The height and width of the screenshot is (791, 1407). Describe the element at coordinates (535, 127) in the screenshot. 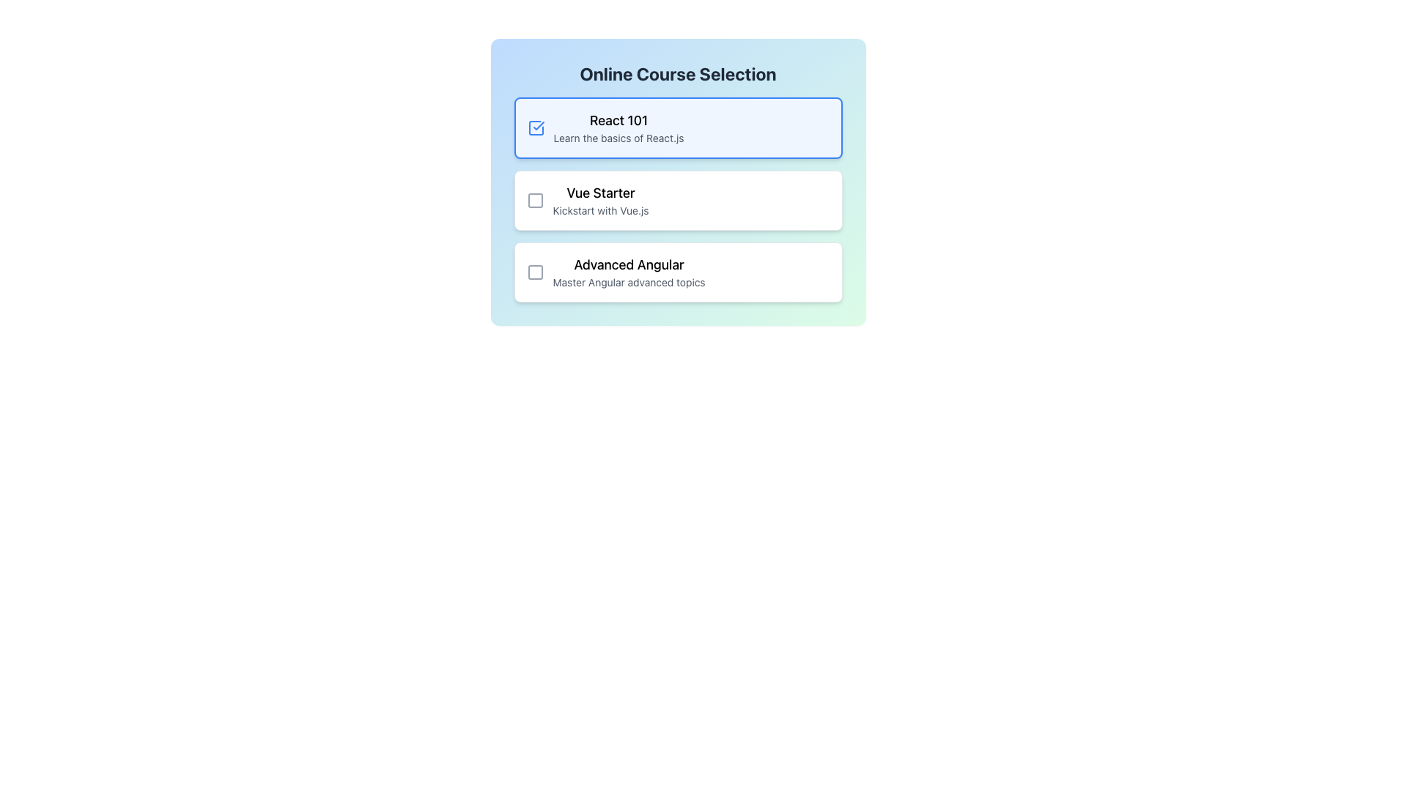

I see `the checkbox for the 'React 101' course` at that location.